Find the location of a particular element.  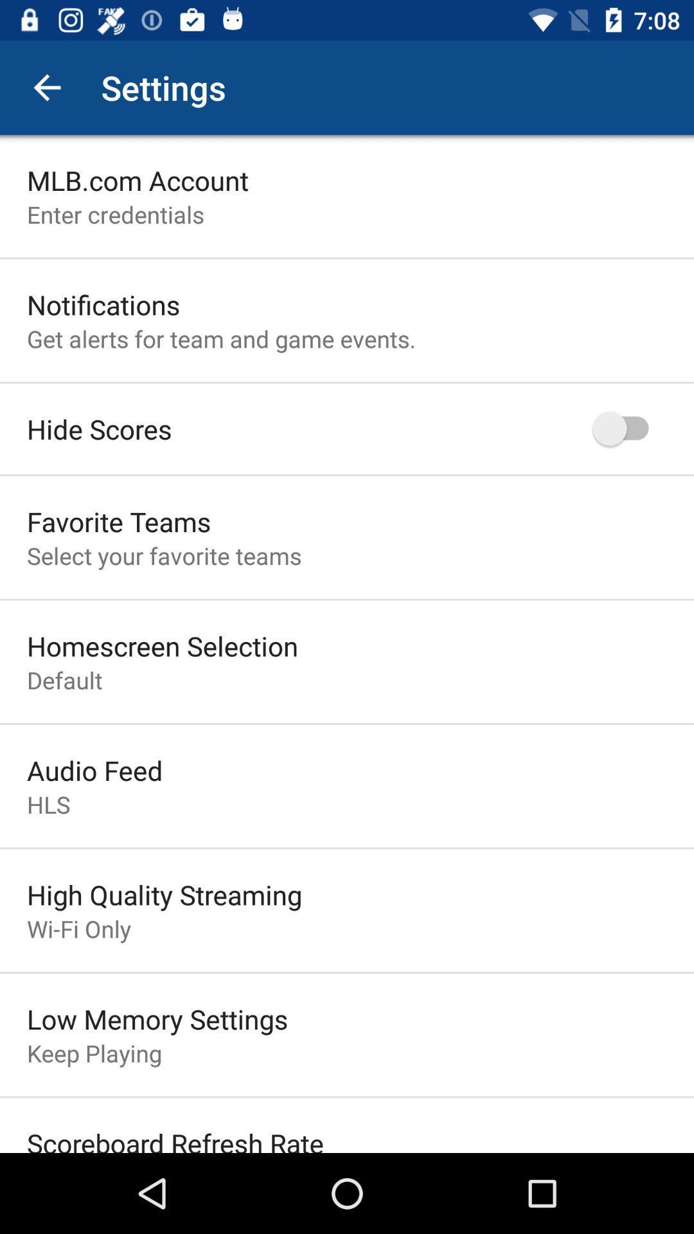

icon above keep playing item is located at coordinates (157, 1018).